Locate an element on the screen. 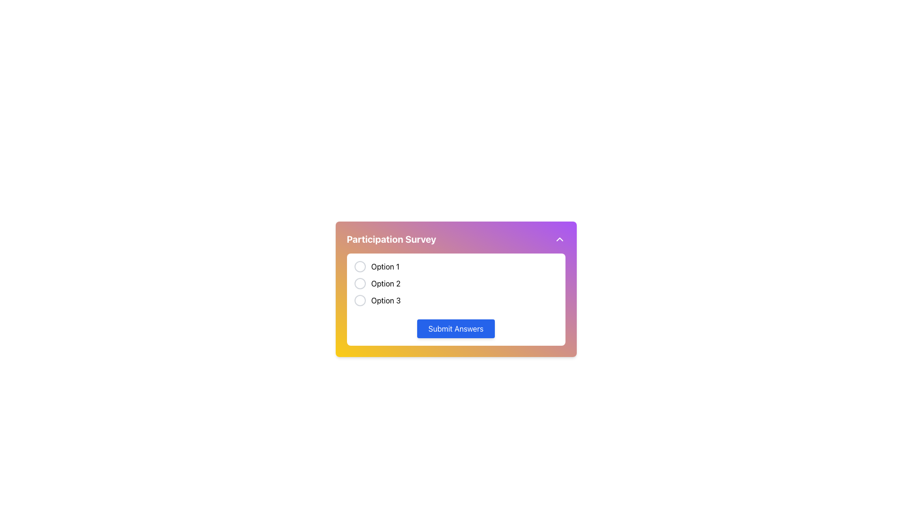 The height and width of the screenshot is (508, 904). the circular radio button with a thin gray border located to the left of the text 'Option 3' for visual feedback is located at coordinates (359, 301).